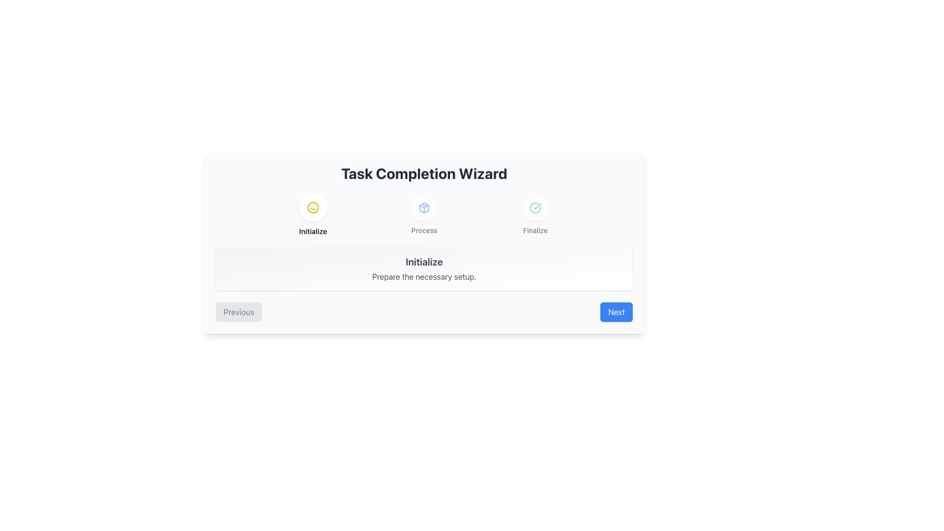 The image size is (944, 531). What do you see at coordinates (535, 207) in the screenshot?
I see `the green checkmark icon located on the rightmost side of the 'Task Completion Wizard' interface in the 'Finalize' section, indicating success or completion` at bounding box center [535, 207].